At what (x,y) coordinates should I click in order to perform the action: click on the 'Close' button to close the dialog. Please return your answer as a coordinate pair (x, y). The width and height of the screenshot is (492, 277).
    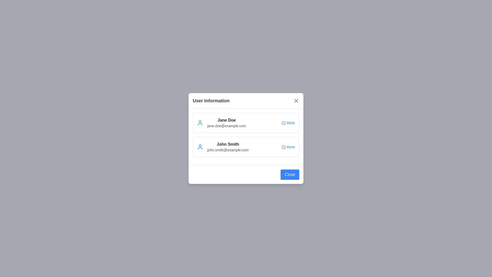
    Looking at the image, I should click on (290, 174).